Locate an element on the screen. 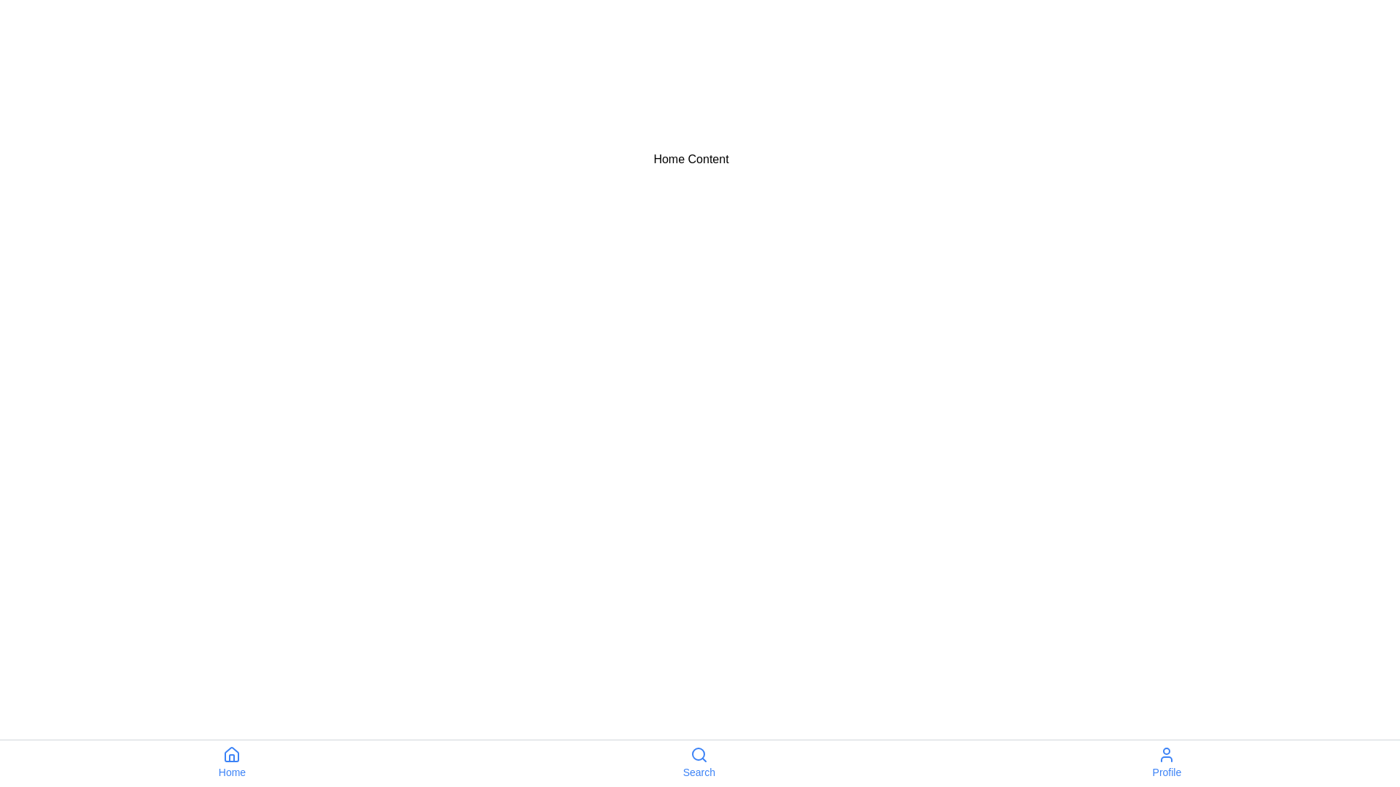 This screenshot has height=787, width=1400. the text label for the profile section located at the bottom center of the interface, directly below the user profile icon is located at coordinates (1167, 772).